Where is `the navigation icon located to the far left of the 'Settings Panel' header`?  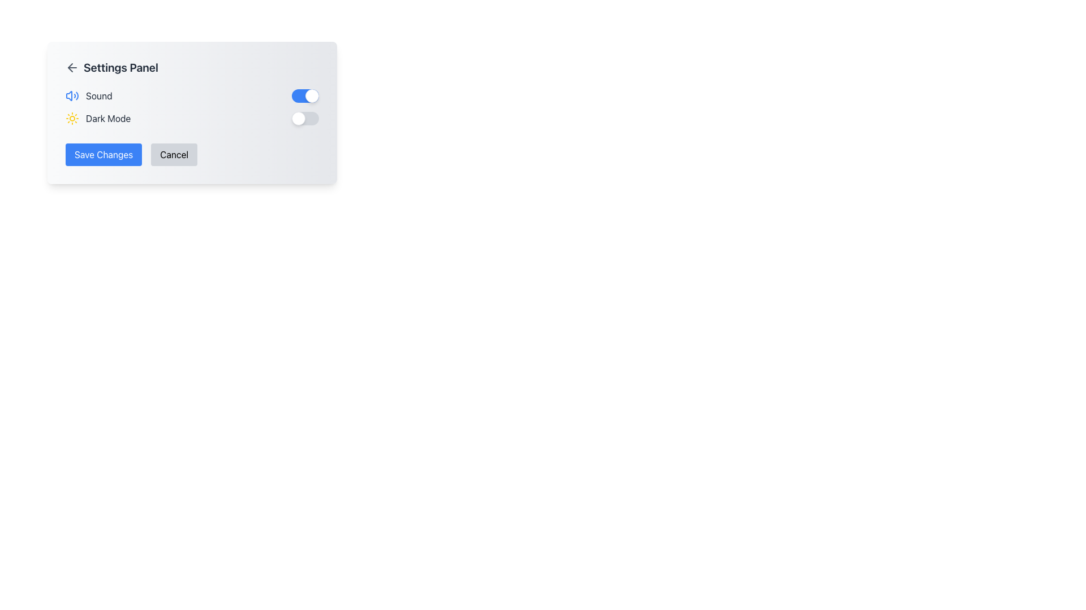
the navigation icon located to the far left of the 'Settings Panel' header is located at coordinates (72, 67).